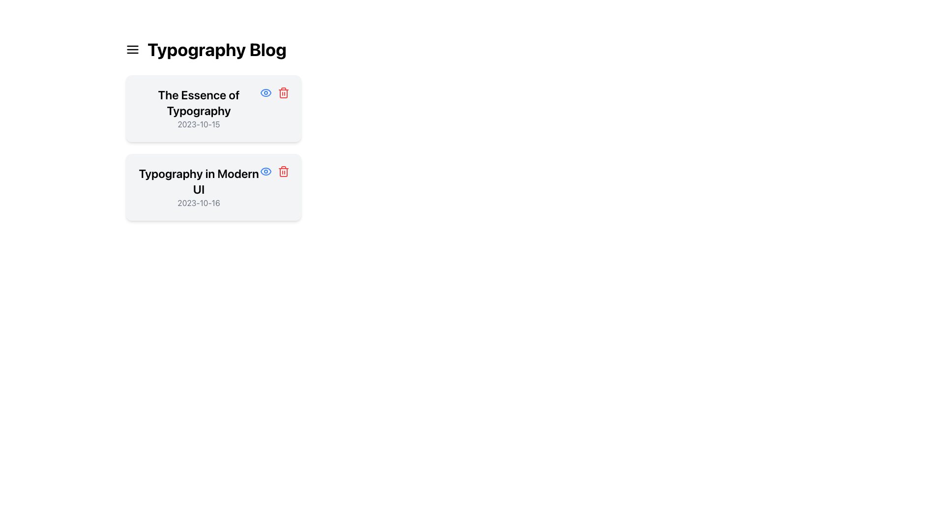  What do you see at coordinates (283, 94) in the screenshot?
I see `the trash can icon located in the top-right corner of the card titled 'The Essence of Typography'` at bounding box center [283, 94].